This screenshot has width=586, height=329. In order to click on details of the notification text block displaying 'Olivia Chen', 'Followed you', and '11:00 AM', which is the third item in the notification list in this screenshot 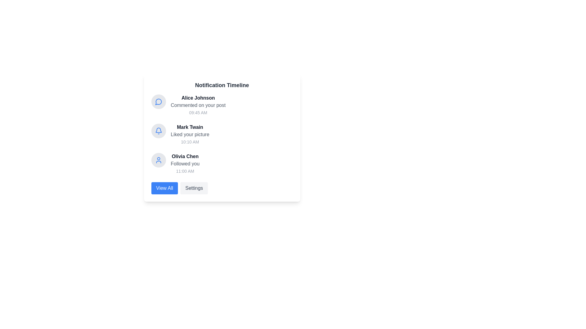, I will do `click(185, 163)`.